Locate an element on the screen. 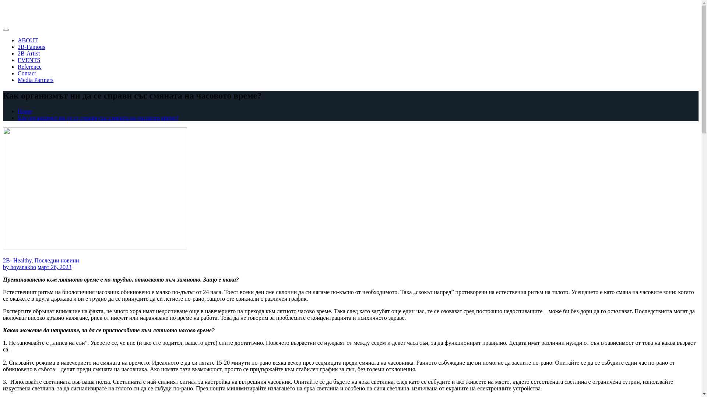  'Reference' is located at coordinates (29, 67).